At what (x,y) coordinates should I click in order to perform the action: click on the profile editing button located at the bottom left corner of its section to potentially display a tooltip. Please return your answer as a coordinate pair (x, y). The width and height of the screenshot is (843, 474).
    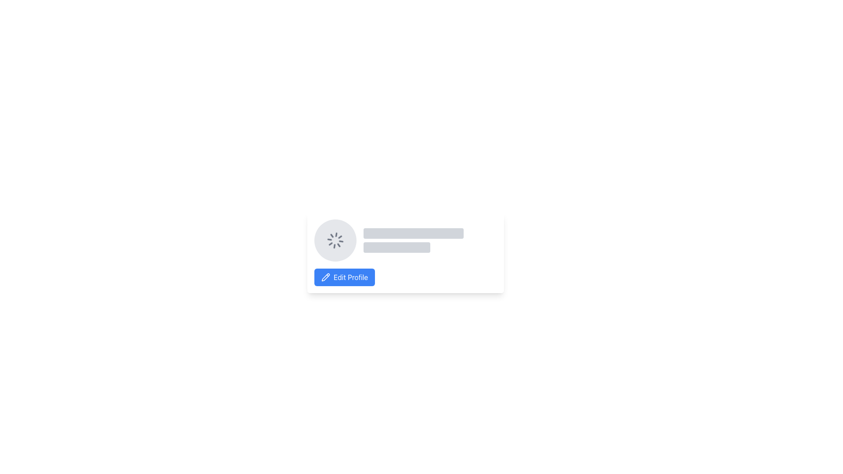
    Looking at the image, I should click on (344, 277).